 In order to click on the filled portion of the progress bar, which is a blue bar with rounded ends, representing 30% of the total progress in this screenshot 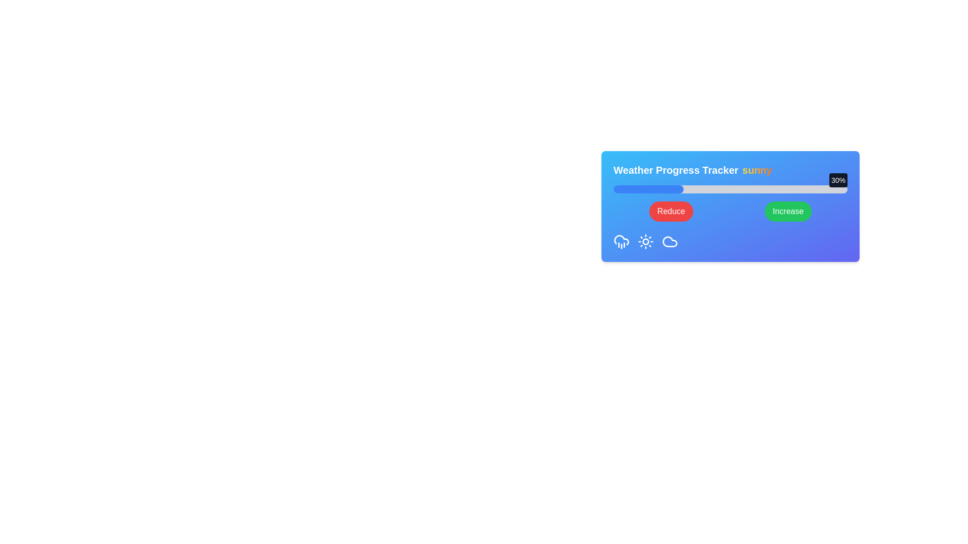, I will do `click(648, 189)`.